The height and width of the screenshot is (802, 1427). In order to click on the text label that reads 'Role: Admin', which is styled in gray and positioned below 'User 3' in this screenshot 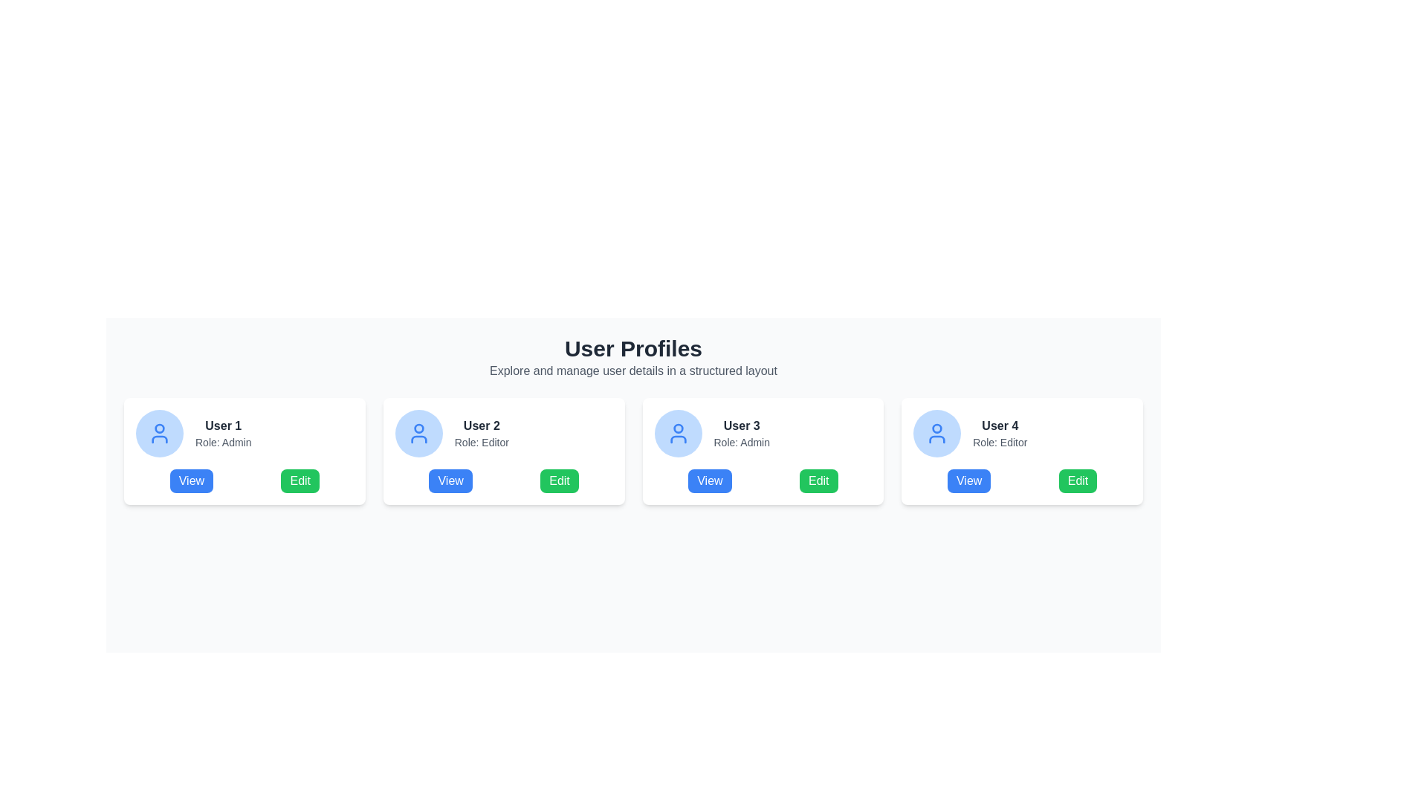, I will do `click(742, 442)`.